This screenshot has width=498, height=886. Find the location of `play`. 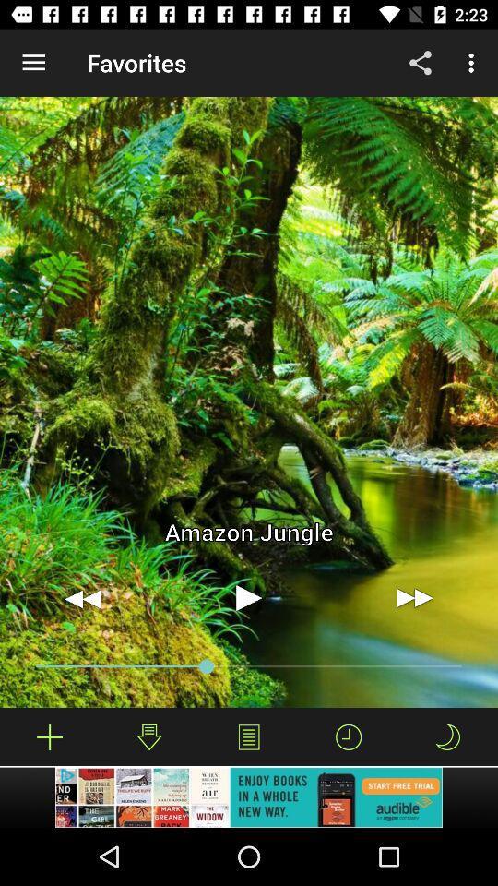

play is located at coordinates (249, 597).